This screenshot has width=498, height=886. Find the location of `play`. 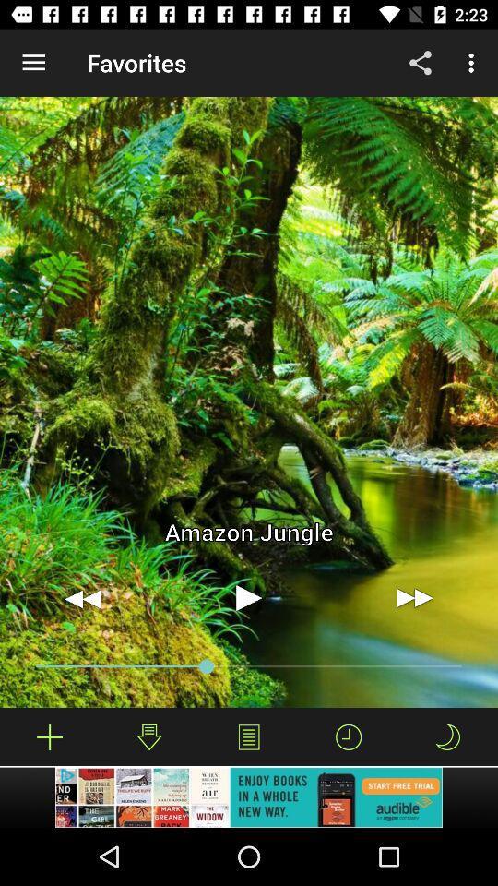

play is located at coordinates (249, 597).